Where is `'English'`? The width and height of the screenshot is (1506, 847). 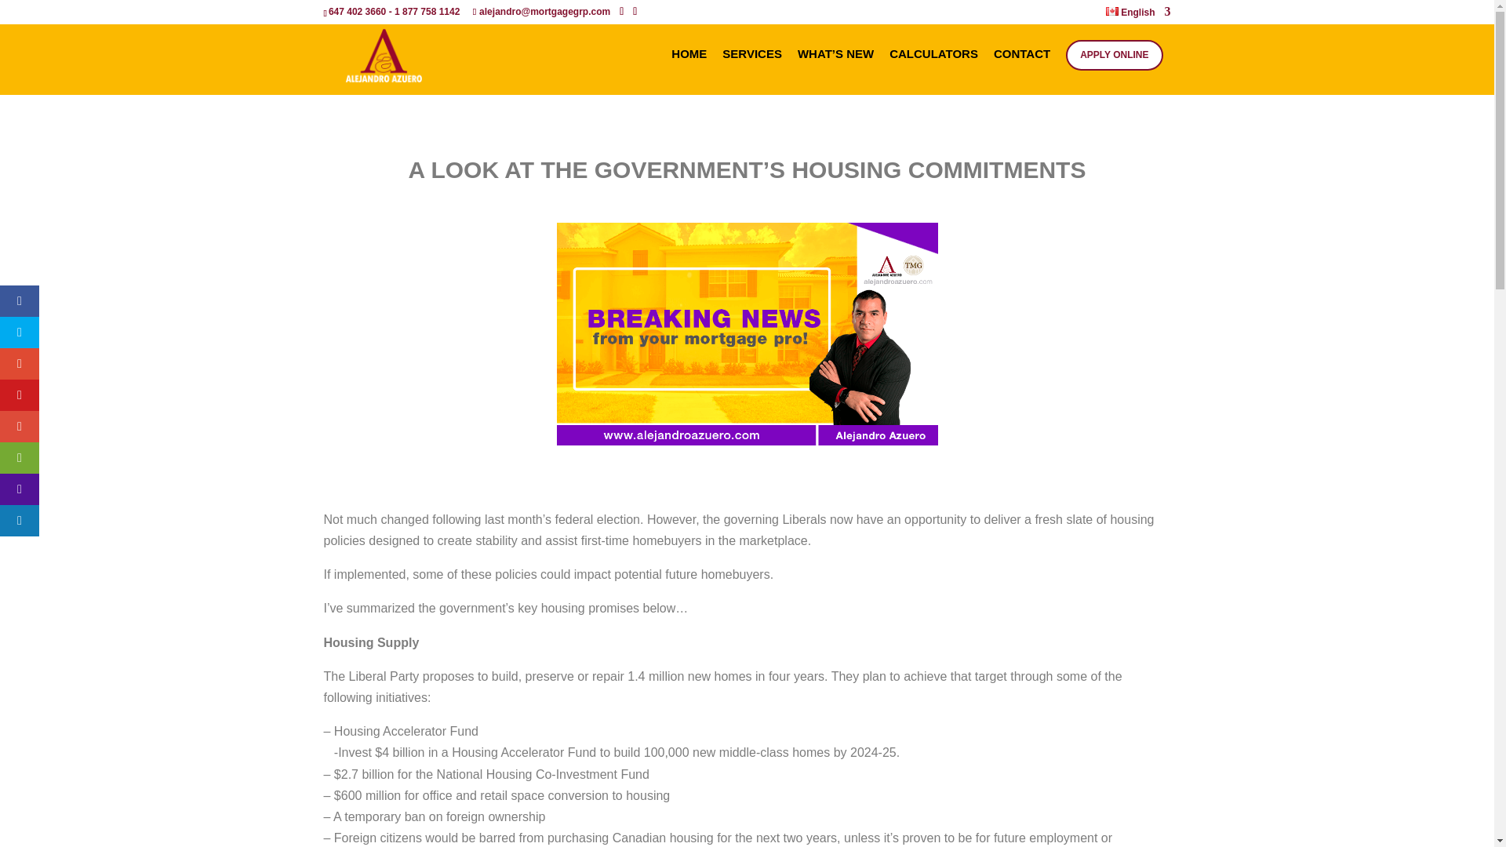 'English' is located at coordinates (1138, 15).